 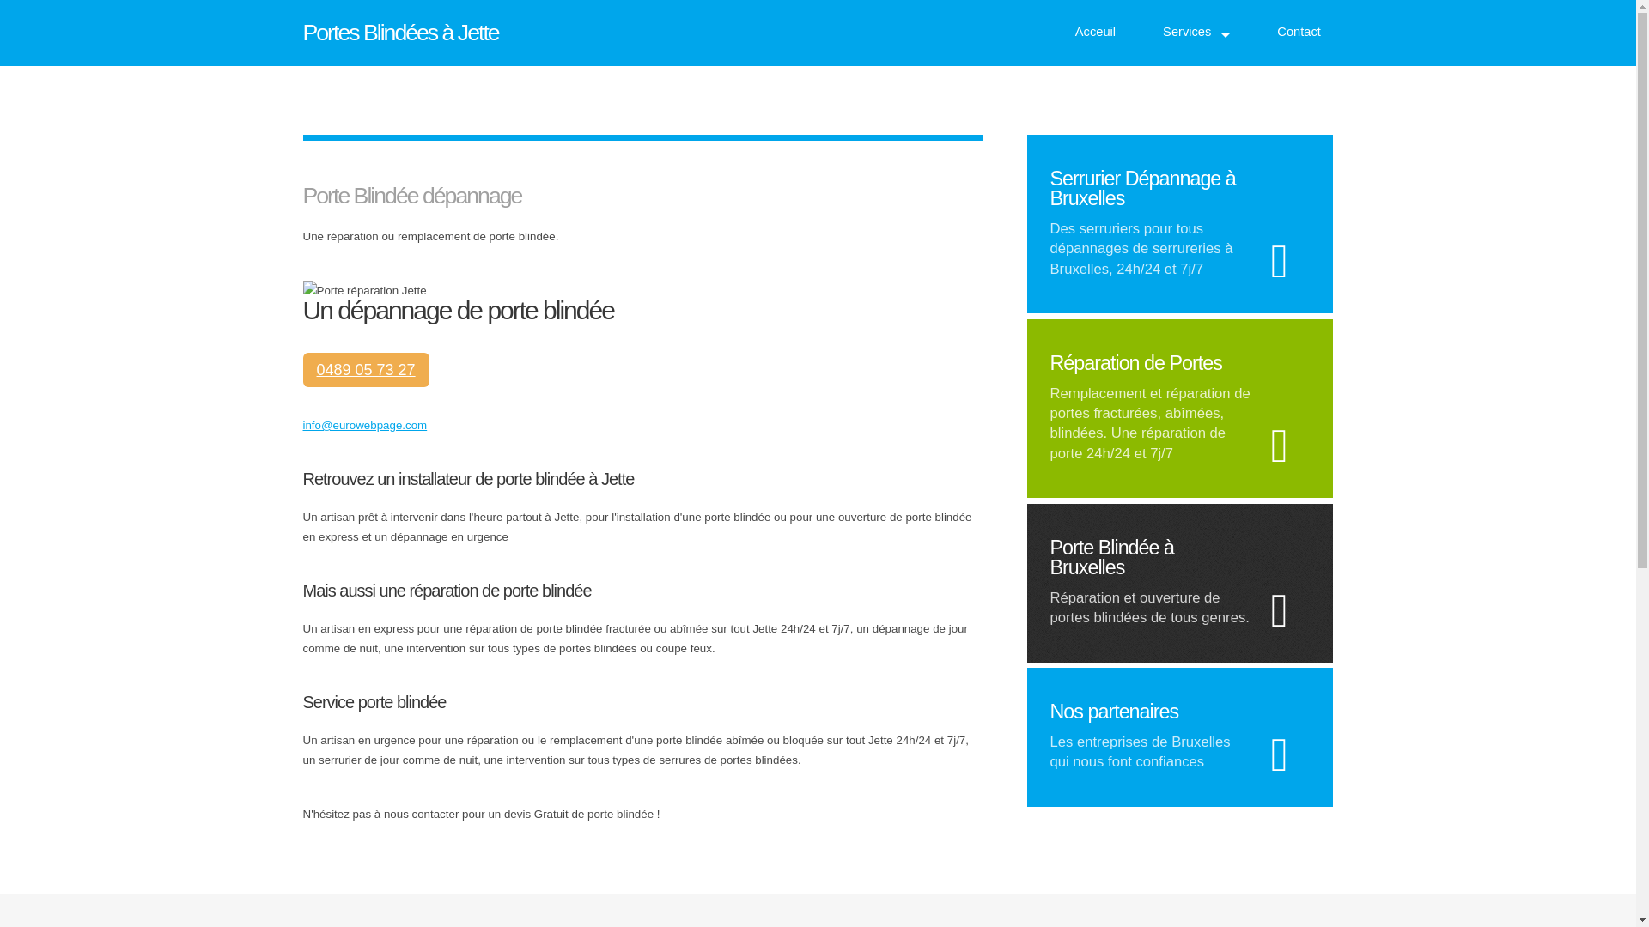 I want to click on 'Services', so click(x=1150, y=32).